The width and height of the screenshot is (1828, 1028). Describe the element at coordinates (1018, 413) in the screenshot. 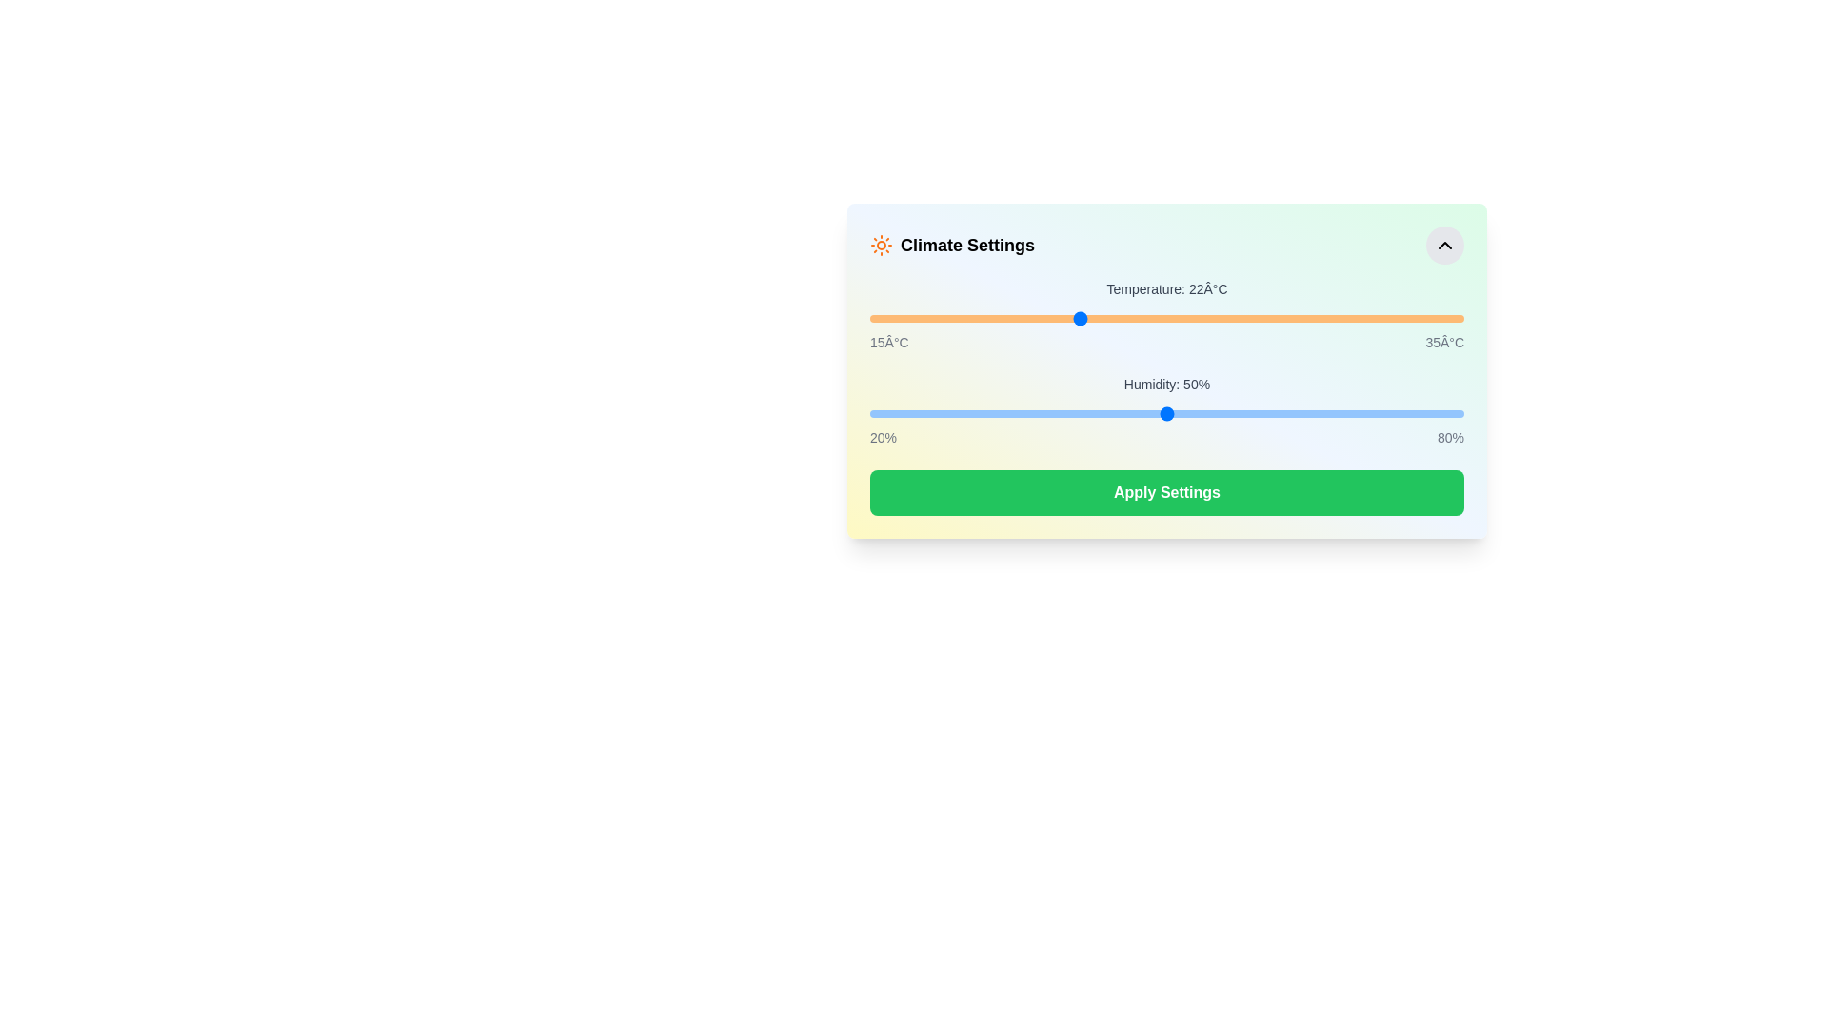

I see `humidity` at that location.